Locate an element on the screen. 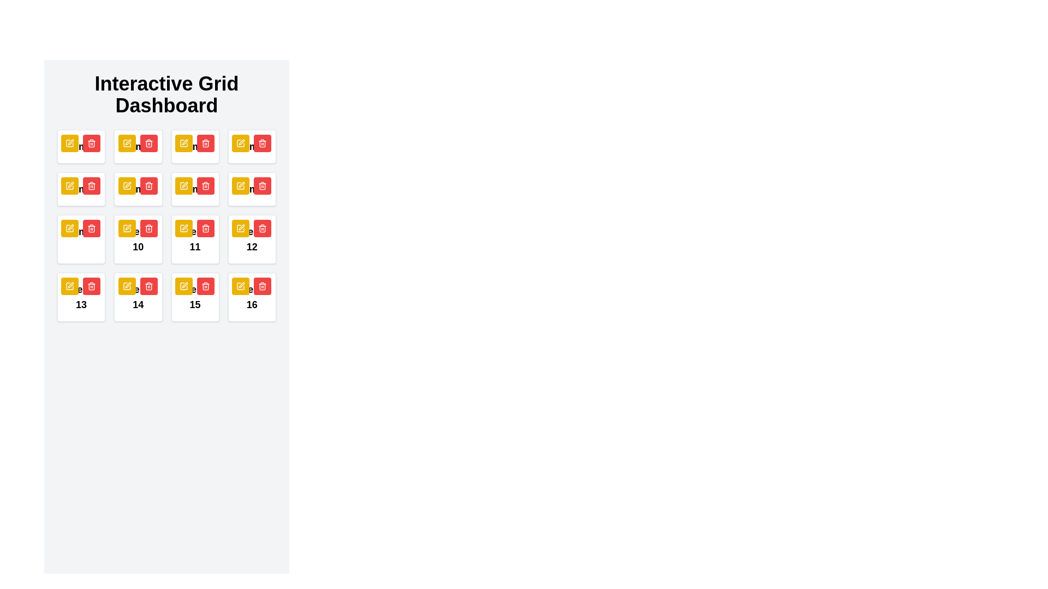 This screenshot has width=1048, height=589. the edit button located at the top right corner of the white grid card is located at coordinates (183, 228).